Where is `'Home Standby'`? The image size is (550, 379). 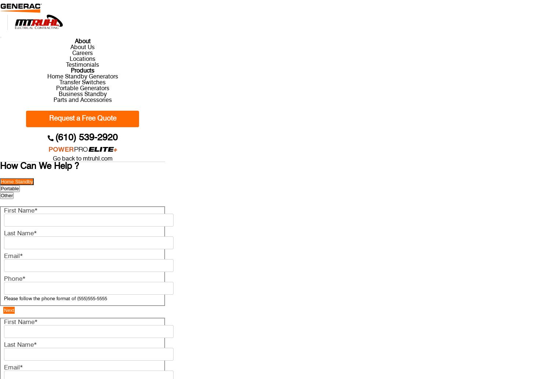
'Home Standby' is located at coordinates (0, 181).